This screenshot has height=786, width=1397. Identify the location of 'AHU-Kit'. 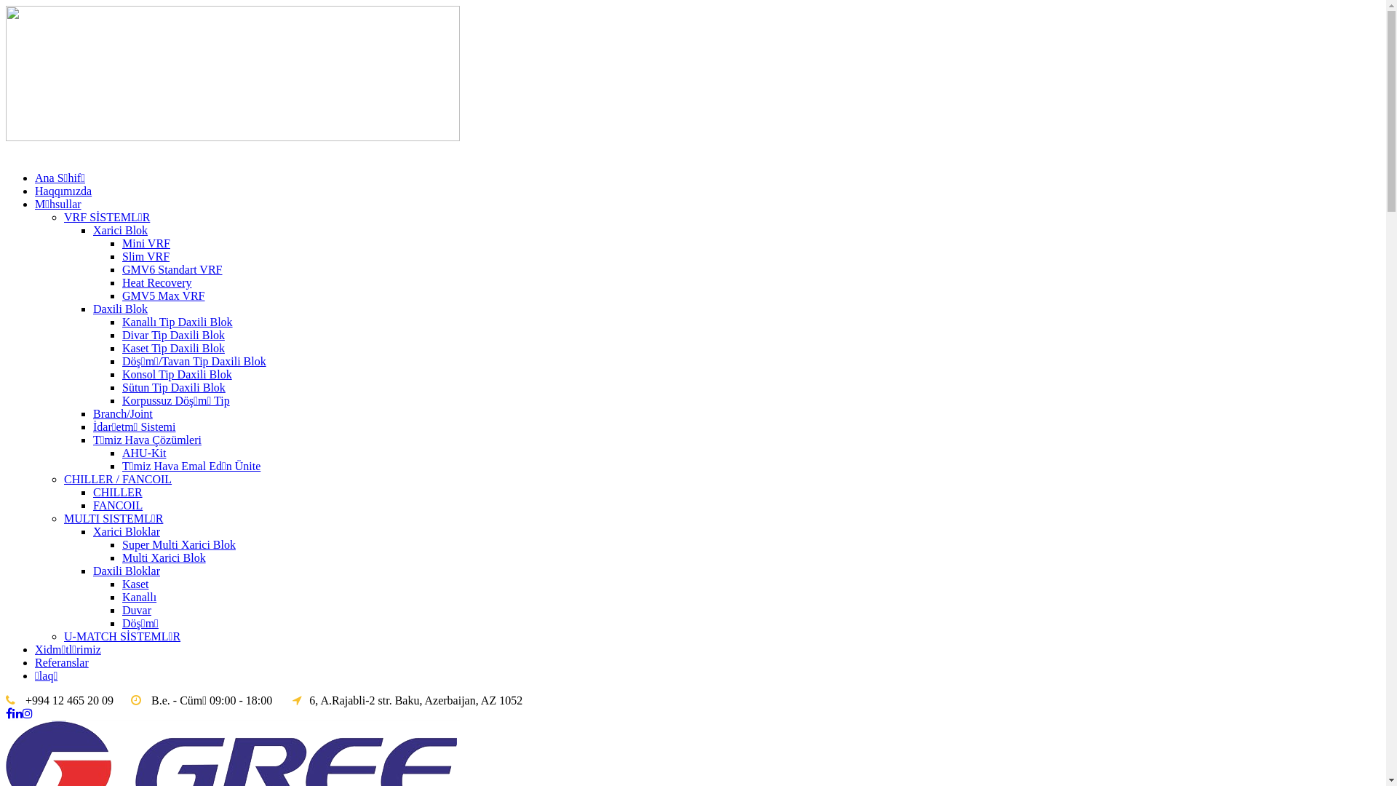
(143, 452).